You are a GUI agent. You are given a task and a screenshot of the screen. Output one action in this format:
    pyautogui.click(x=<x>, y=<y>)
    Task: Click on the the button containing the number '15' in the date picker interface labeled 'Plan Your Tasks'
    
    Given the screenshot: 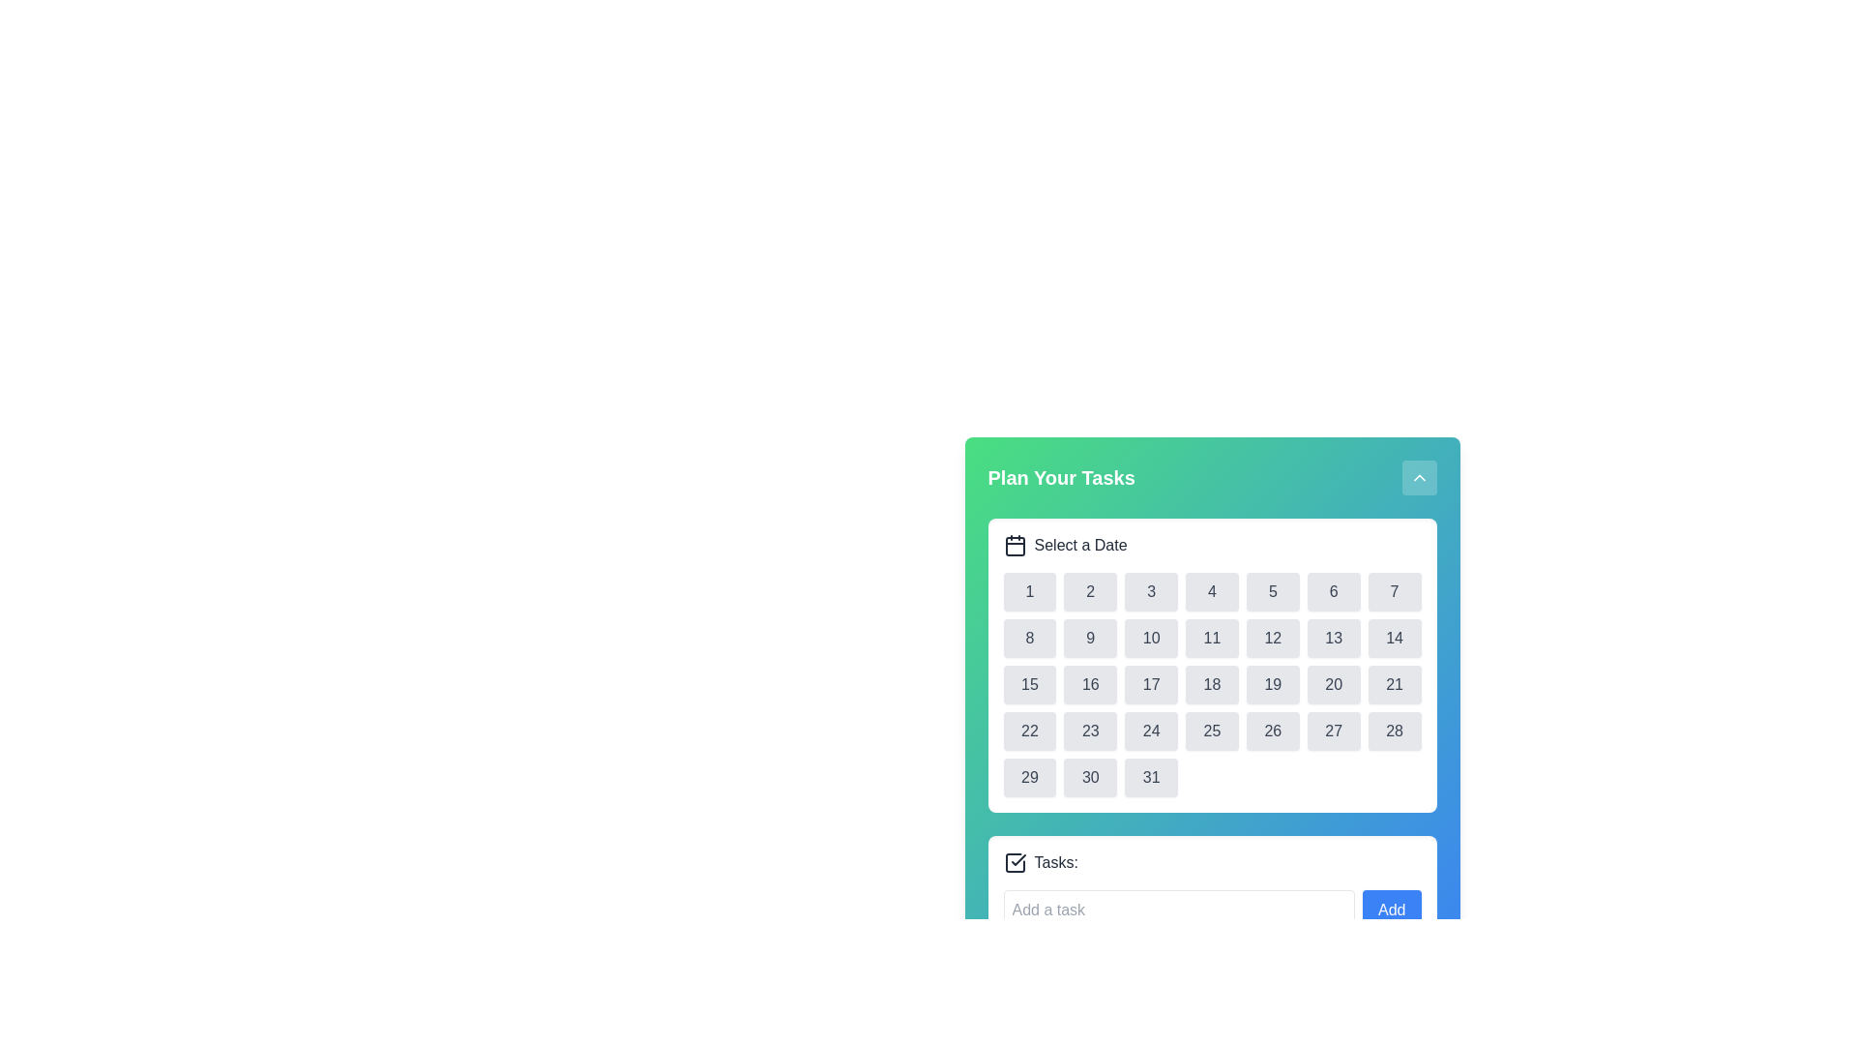 What is the action you would take?
    pyautogui.click(x=1028, y=684)
    